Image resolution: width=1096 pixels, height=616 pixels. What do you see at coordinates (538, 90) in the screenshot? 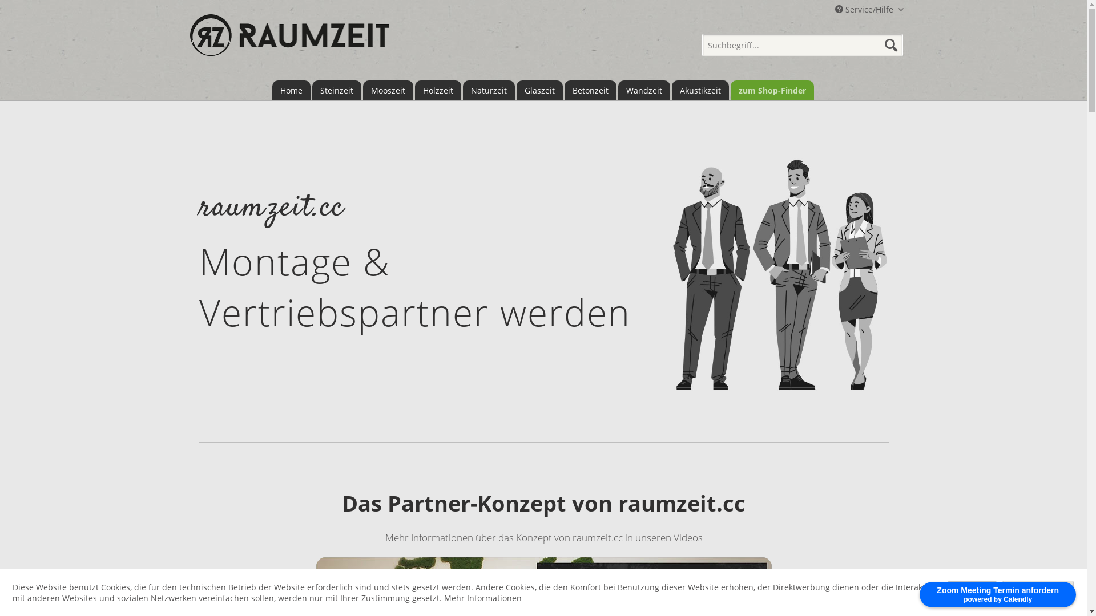
I see `'Glaszeit'` at bounding box center [538, 90].